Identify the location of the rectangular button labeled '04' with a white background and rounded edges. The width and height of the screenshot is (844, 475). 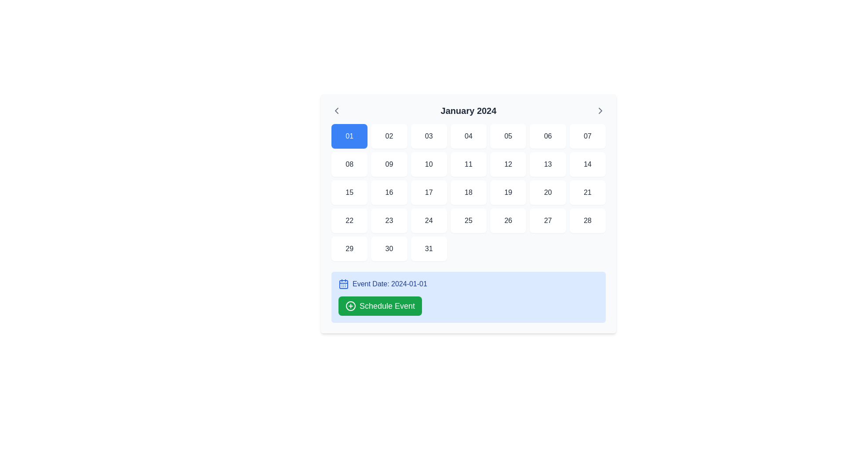
(468, 136).